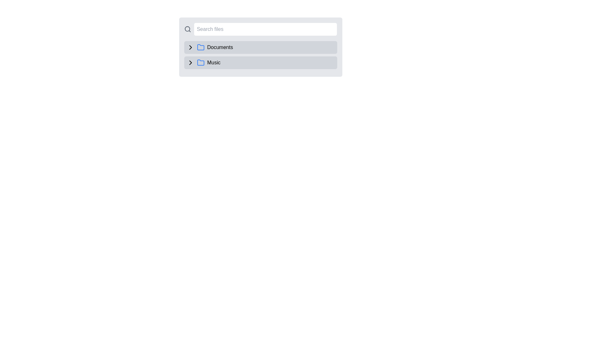  What do you see at coordinates (190, 62) in the screenshot?
I see `the chevron icon next to the 'Music' label` at bounding box center [190, 62].